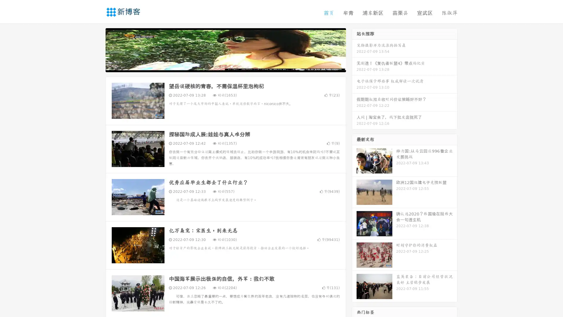 This screenshot has height=317, width=563. I want to click on Go to slide 1, so click(219, 66).